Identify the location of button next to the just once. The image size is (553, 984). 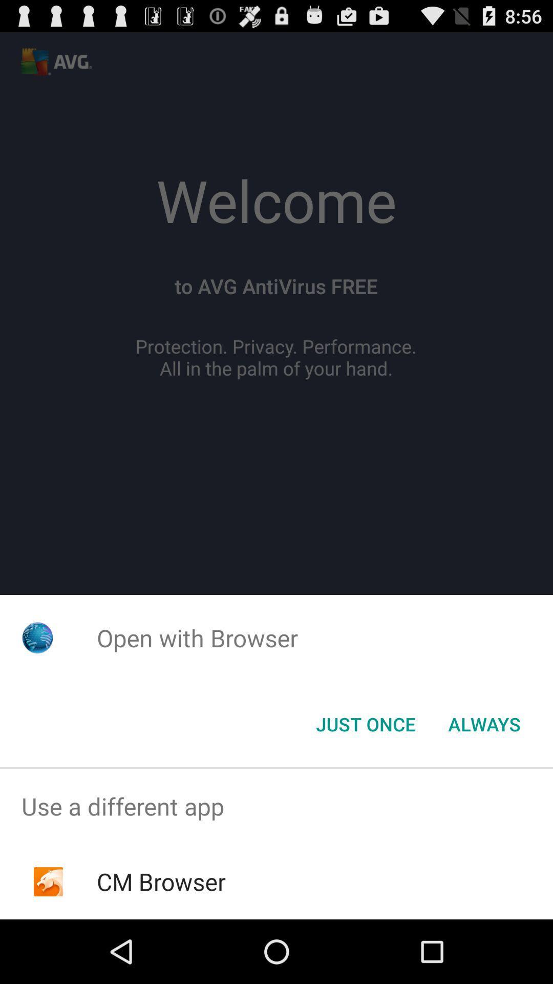
(484, 723).